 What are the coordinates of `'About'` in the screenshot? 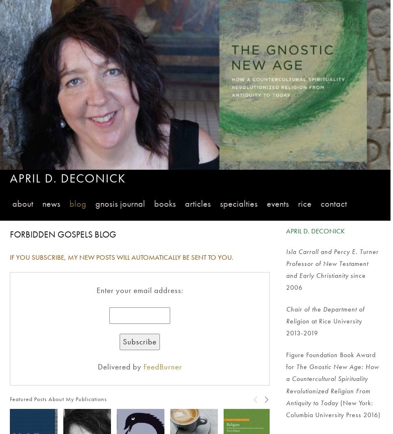 It's located at (22, 203).